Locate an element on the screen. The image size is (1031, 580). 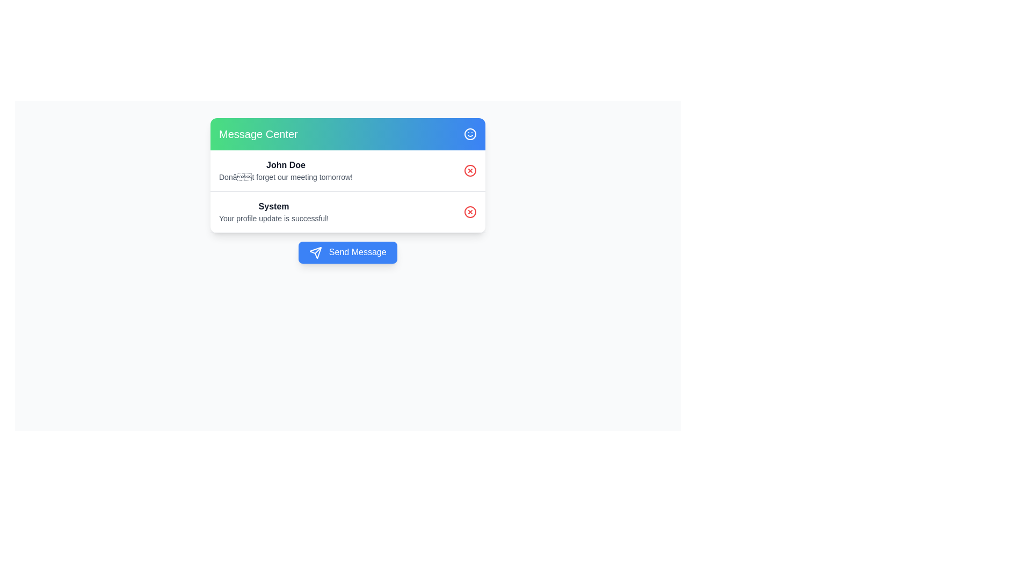
the delete icon located at the far right of the row containing the text 'John Doe' is located at coordinates (470, 170).